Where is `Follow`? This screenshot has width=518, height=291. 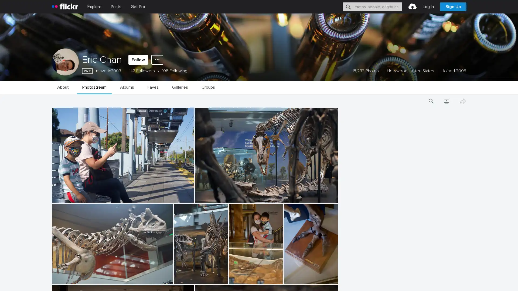
Follow is located at coordinates (138, 60).